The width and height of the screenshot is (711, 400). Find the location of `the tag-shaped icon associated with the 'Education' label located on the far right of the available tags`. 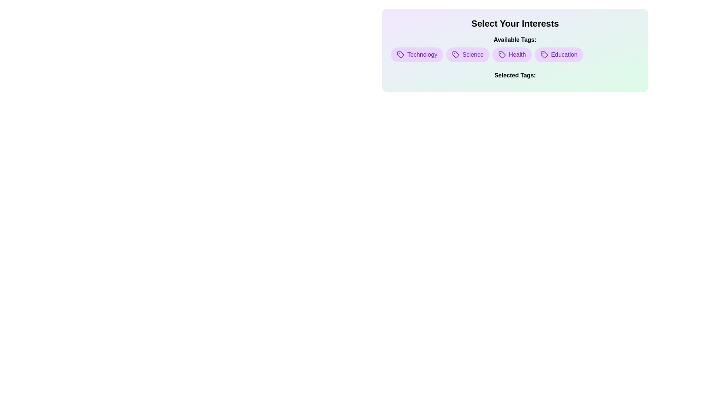

the tag-shaped icon associated with the 'Education' label located on the far right of the available tags is located at coordinates (544, 54).